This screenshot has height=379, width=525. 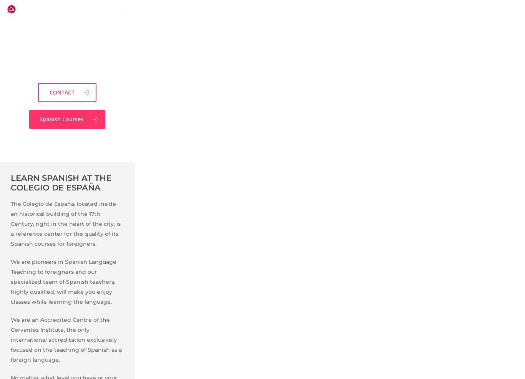 I want to click on 'LEARN SPANISH AT THE COLEGIO DE ESPAÑA', so click(x=61, y=182).